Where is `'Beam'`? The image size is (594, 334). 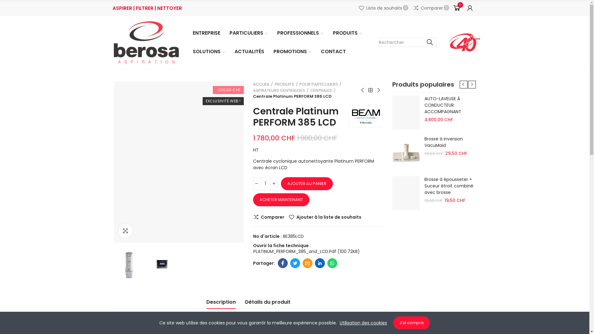
'Beam' is located at coordinates (366, 116).